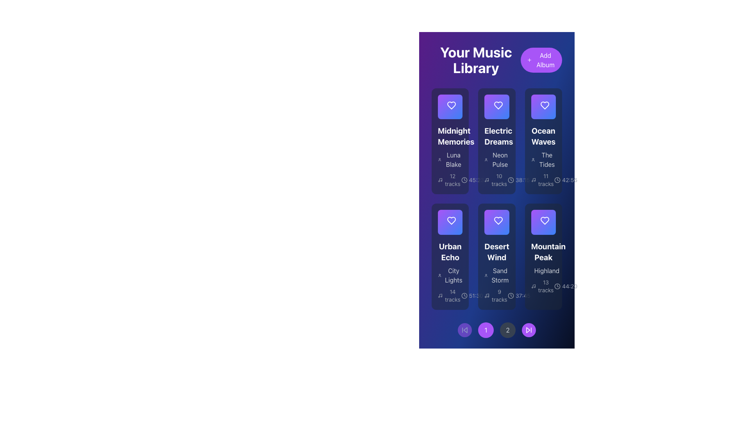 The width and height of the screenshot is (750, 422). I want to click on the skip forward button, which is the rightmost circular control icon in the bottom section of the interface, so click(529, 330).